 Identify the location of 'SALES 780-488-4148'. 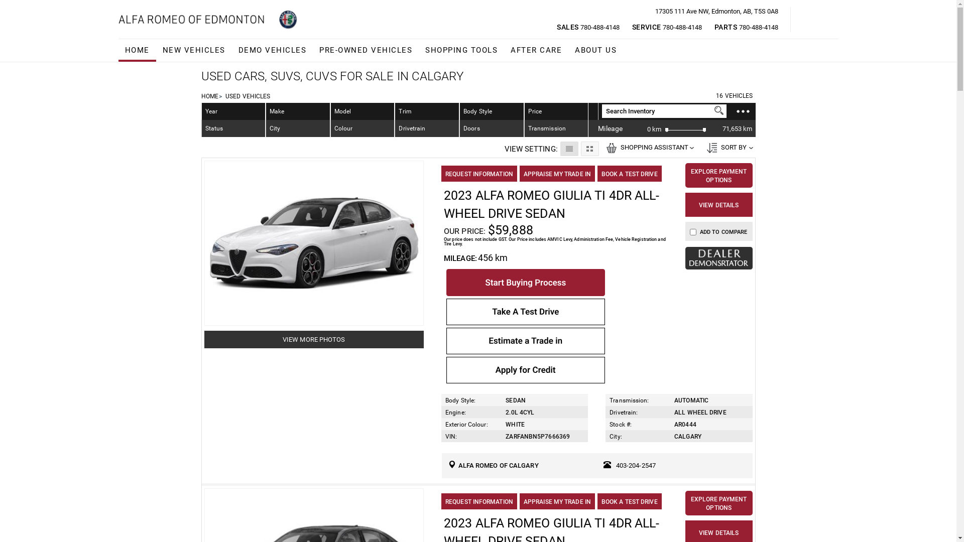
(588, 27).